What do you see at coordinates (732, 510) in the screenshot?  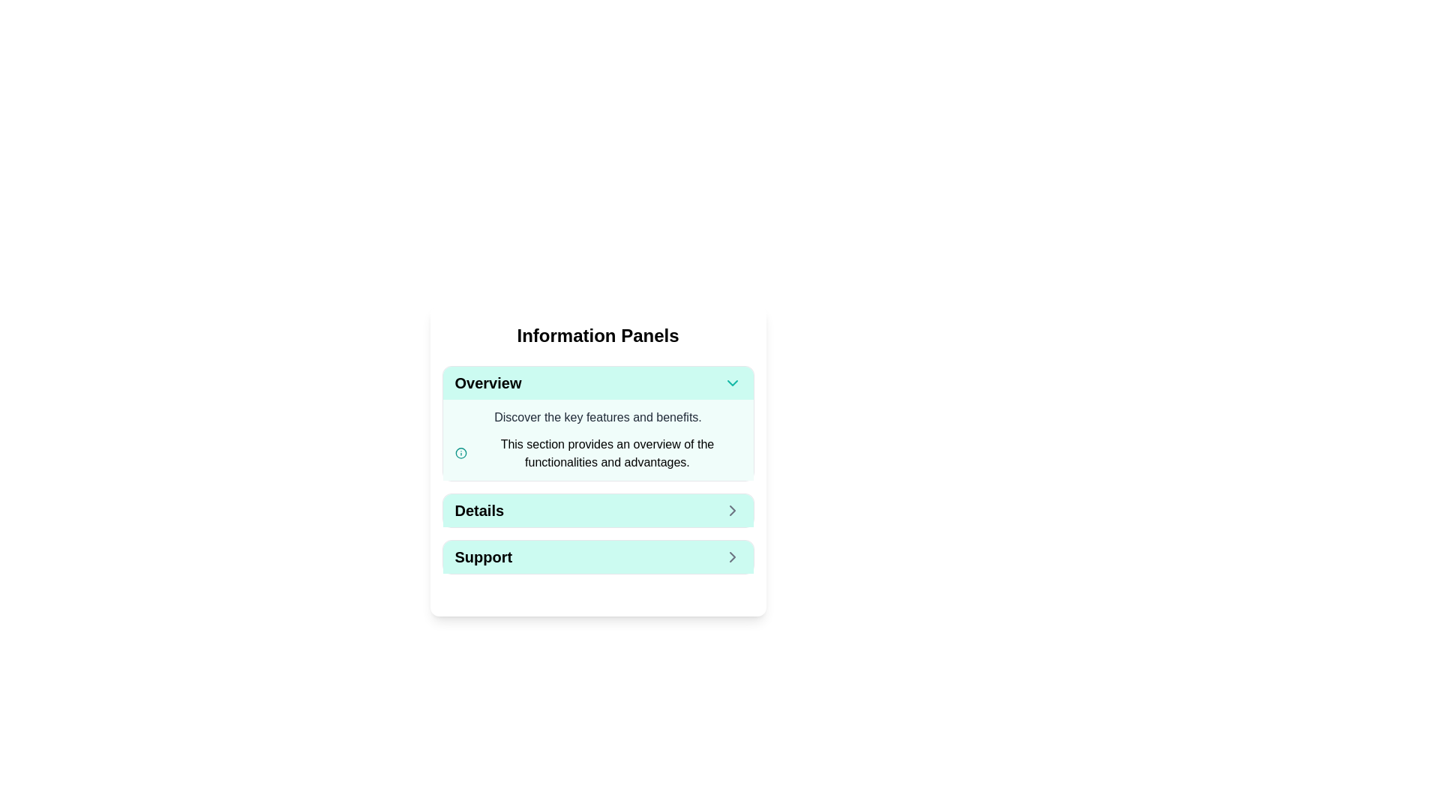 I see `the navigation icon located within the turquoise button section to initiate navigation` at bounding box center [732, 510].